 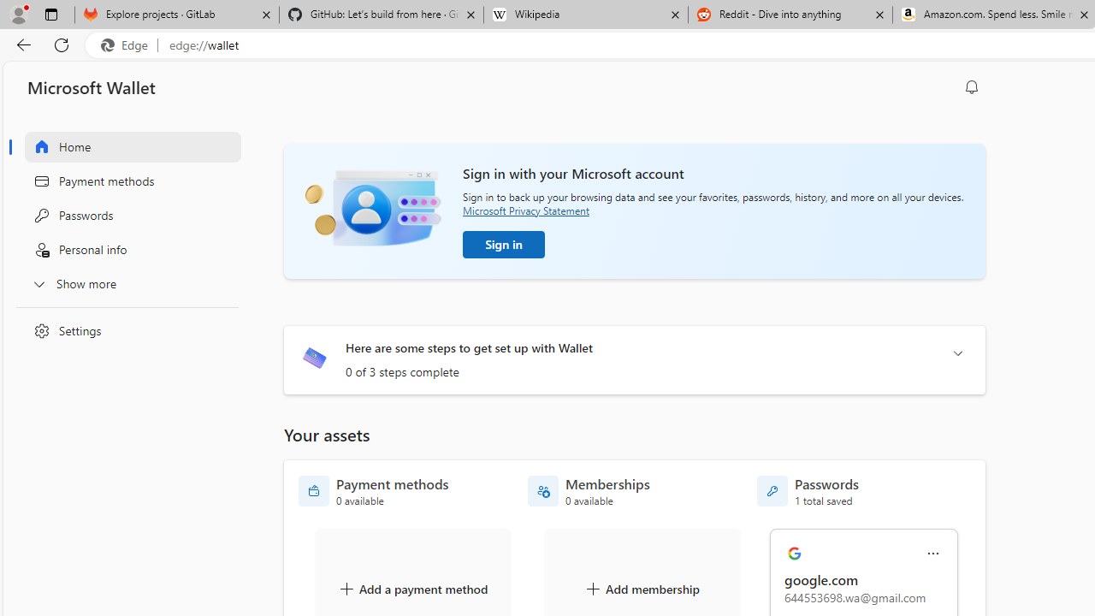 What do you see at coordinates (127, 44) in the screenshot?
I see `'Edge'` at bounding box center [127, 44].